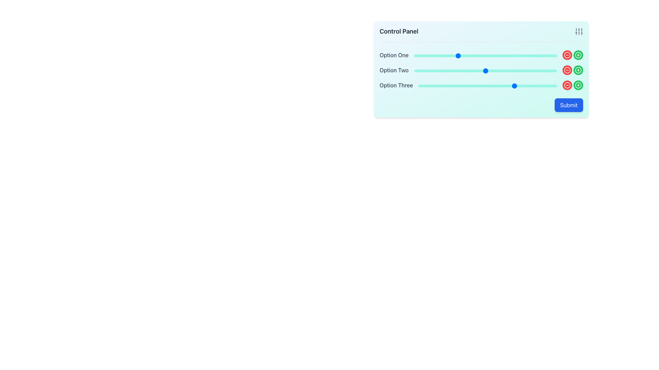 Image resolution: width=659 pixels, height=370 pixels. Describe the element at coordinates (521, 71) in the screenshot. I see `the slider` at that location.